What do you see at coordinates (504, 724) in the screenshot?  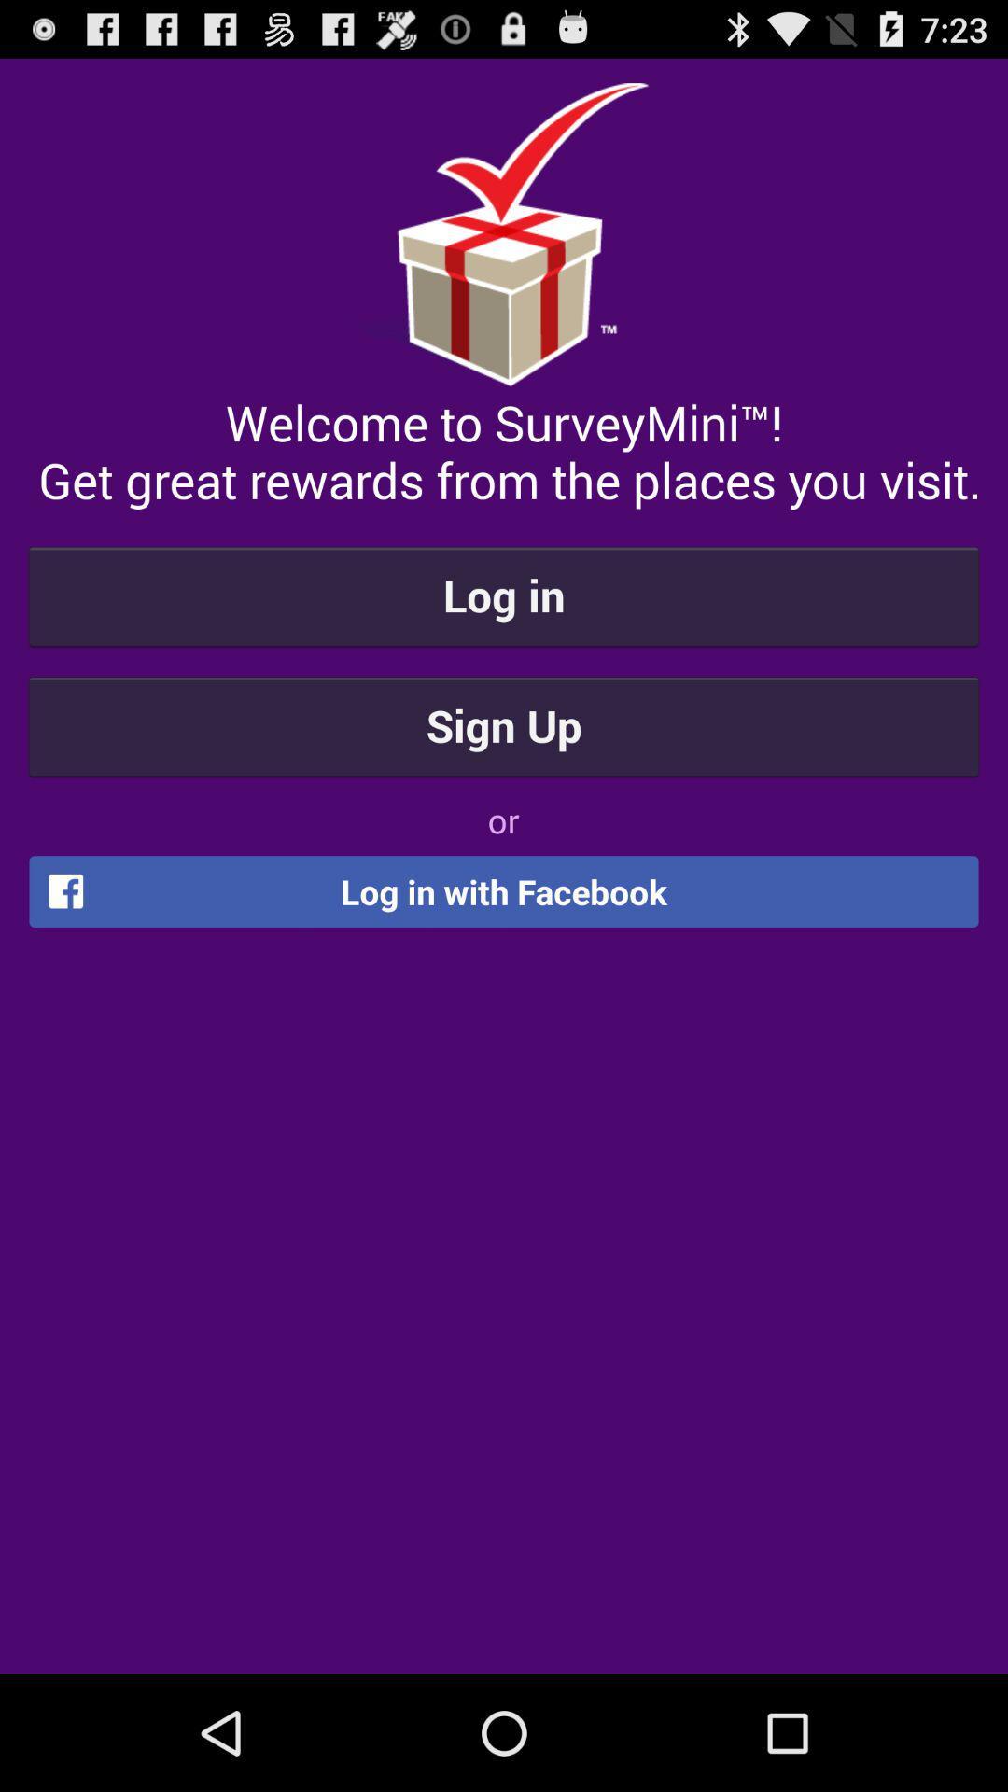 I see `icon below the log in icon` at bounding box center [504, 724].